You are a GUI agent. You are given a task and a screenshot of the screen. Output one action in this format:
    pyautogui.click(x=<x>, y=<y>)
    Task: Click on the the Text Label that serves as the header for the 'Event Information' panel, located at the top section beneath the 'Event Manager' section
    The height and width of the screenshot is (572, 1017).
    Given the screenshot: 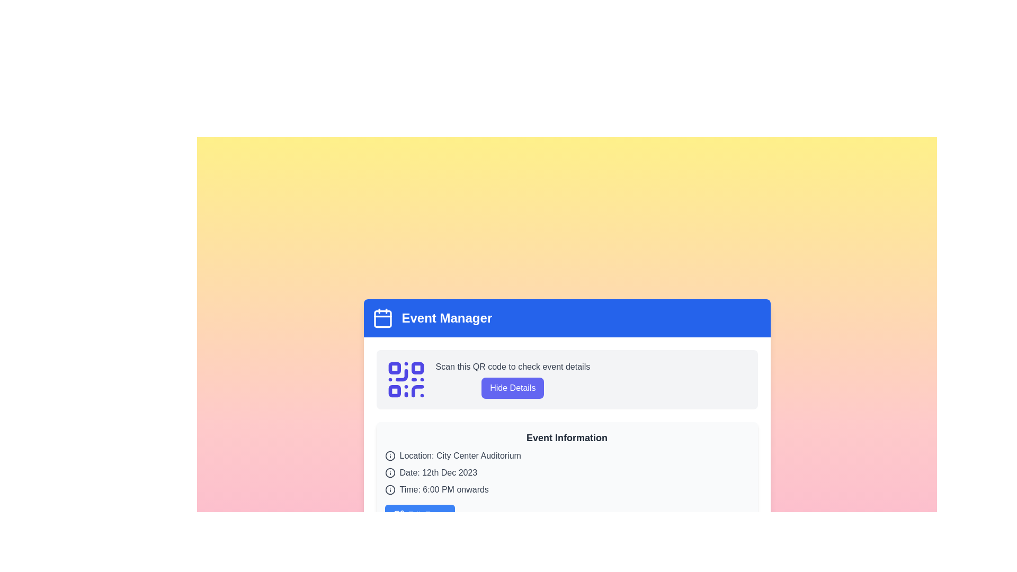 What is the action you would take?
    pyautogui.click(x=566, y=437)
    